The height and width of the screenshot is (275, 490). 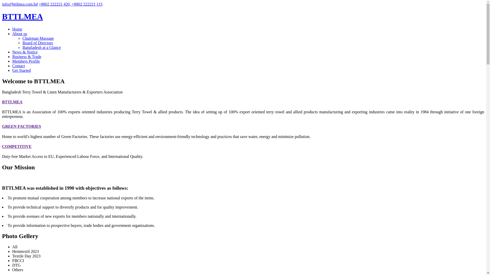 What do you see at coordinates (21, 70) in the screenshot?
I see `'Get Started'` at bounding box center [21, 70].